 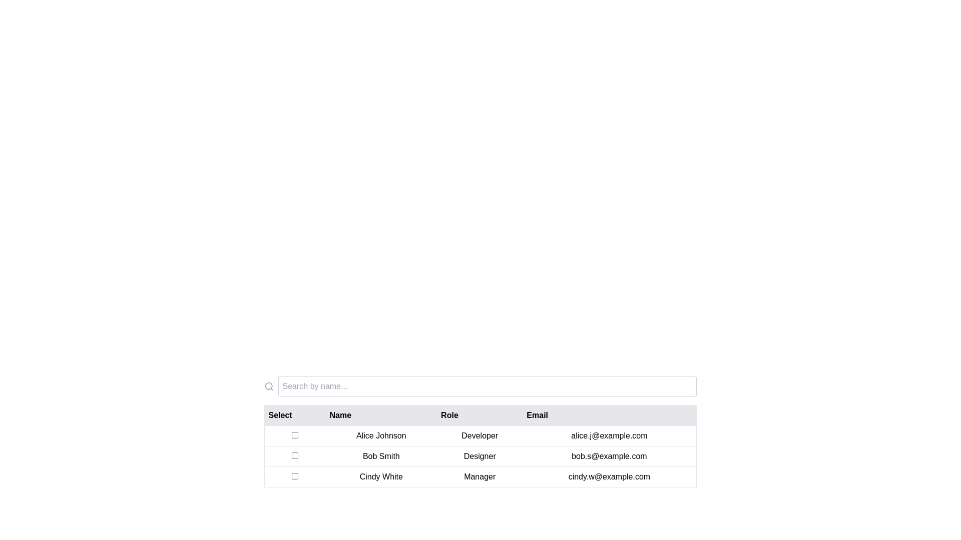 What do you see at coordinates (479, 456) in the screenshot?
I see `static text element displaying the role 'Designer' located in the second row of the user data table, centered in the Role column` at bounding box center [479, 456].